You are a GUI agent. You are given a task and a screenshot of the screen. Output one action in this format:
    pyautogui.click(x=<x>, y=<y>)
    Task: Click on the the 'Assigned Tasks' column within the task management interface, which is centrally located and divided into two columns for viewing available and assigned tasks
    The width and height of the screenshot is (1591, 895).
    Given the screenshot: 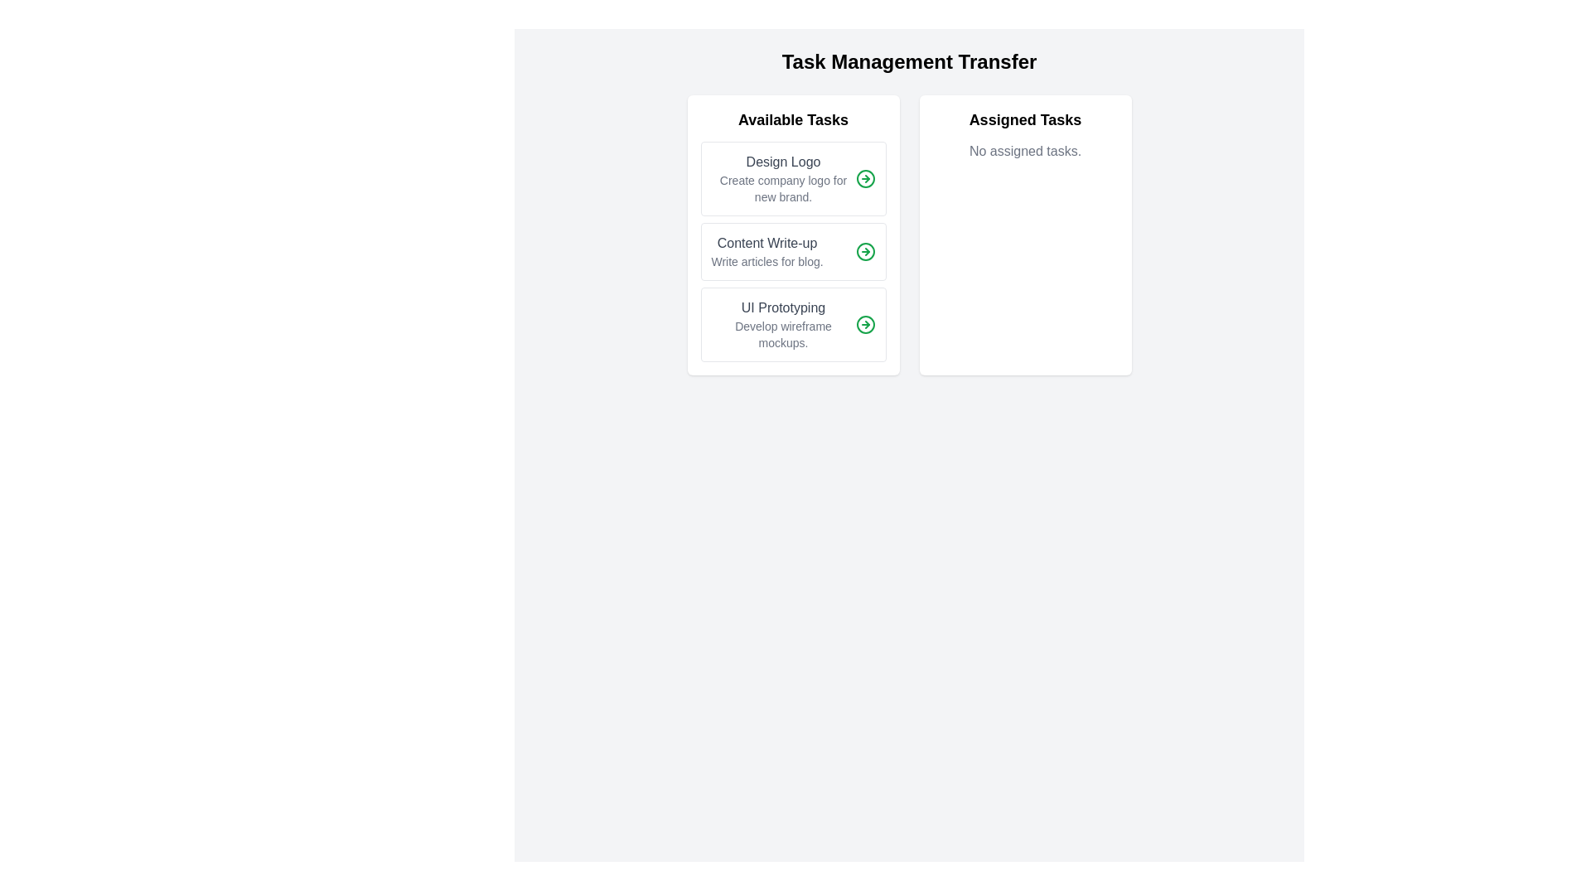 What is the action you would take?
    pyautogui.click(x=908, y=235)
    